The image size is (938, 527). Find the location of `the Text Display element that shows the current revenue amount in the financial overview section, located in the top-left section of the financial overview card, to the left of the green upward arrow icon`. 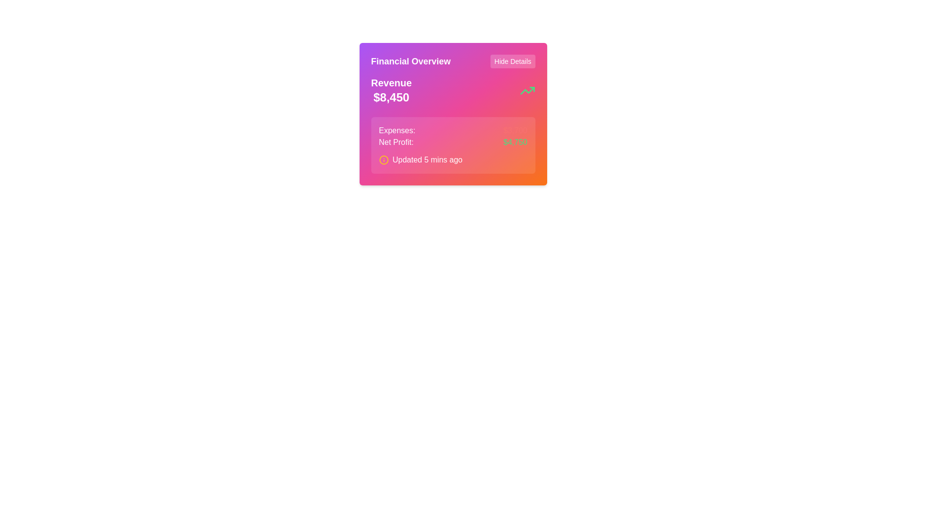

the Text Display element that shows the current revenue amount in the financial overview section, located in the top-left section of the financial overview card, to the left of the green upward arrow icon is located at coordinates (391, 90).